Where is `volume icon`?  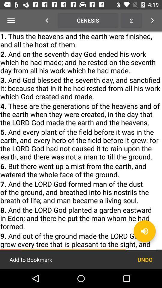
volume icon is located at coordinates (144, 231).